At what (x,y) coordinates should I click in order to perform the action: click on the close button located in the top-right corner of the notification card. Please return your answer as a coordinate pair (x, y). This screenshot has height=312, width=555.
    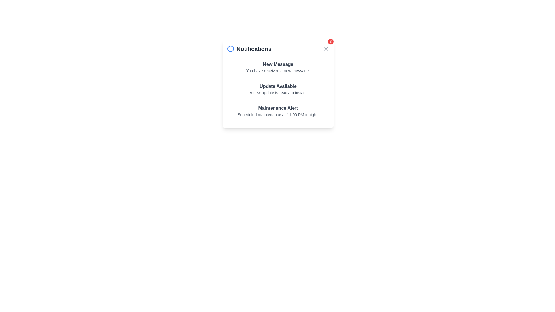
    Looking at the image, I should click on (326, 49).